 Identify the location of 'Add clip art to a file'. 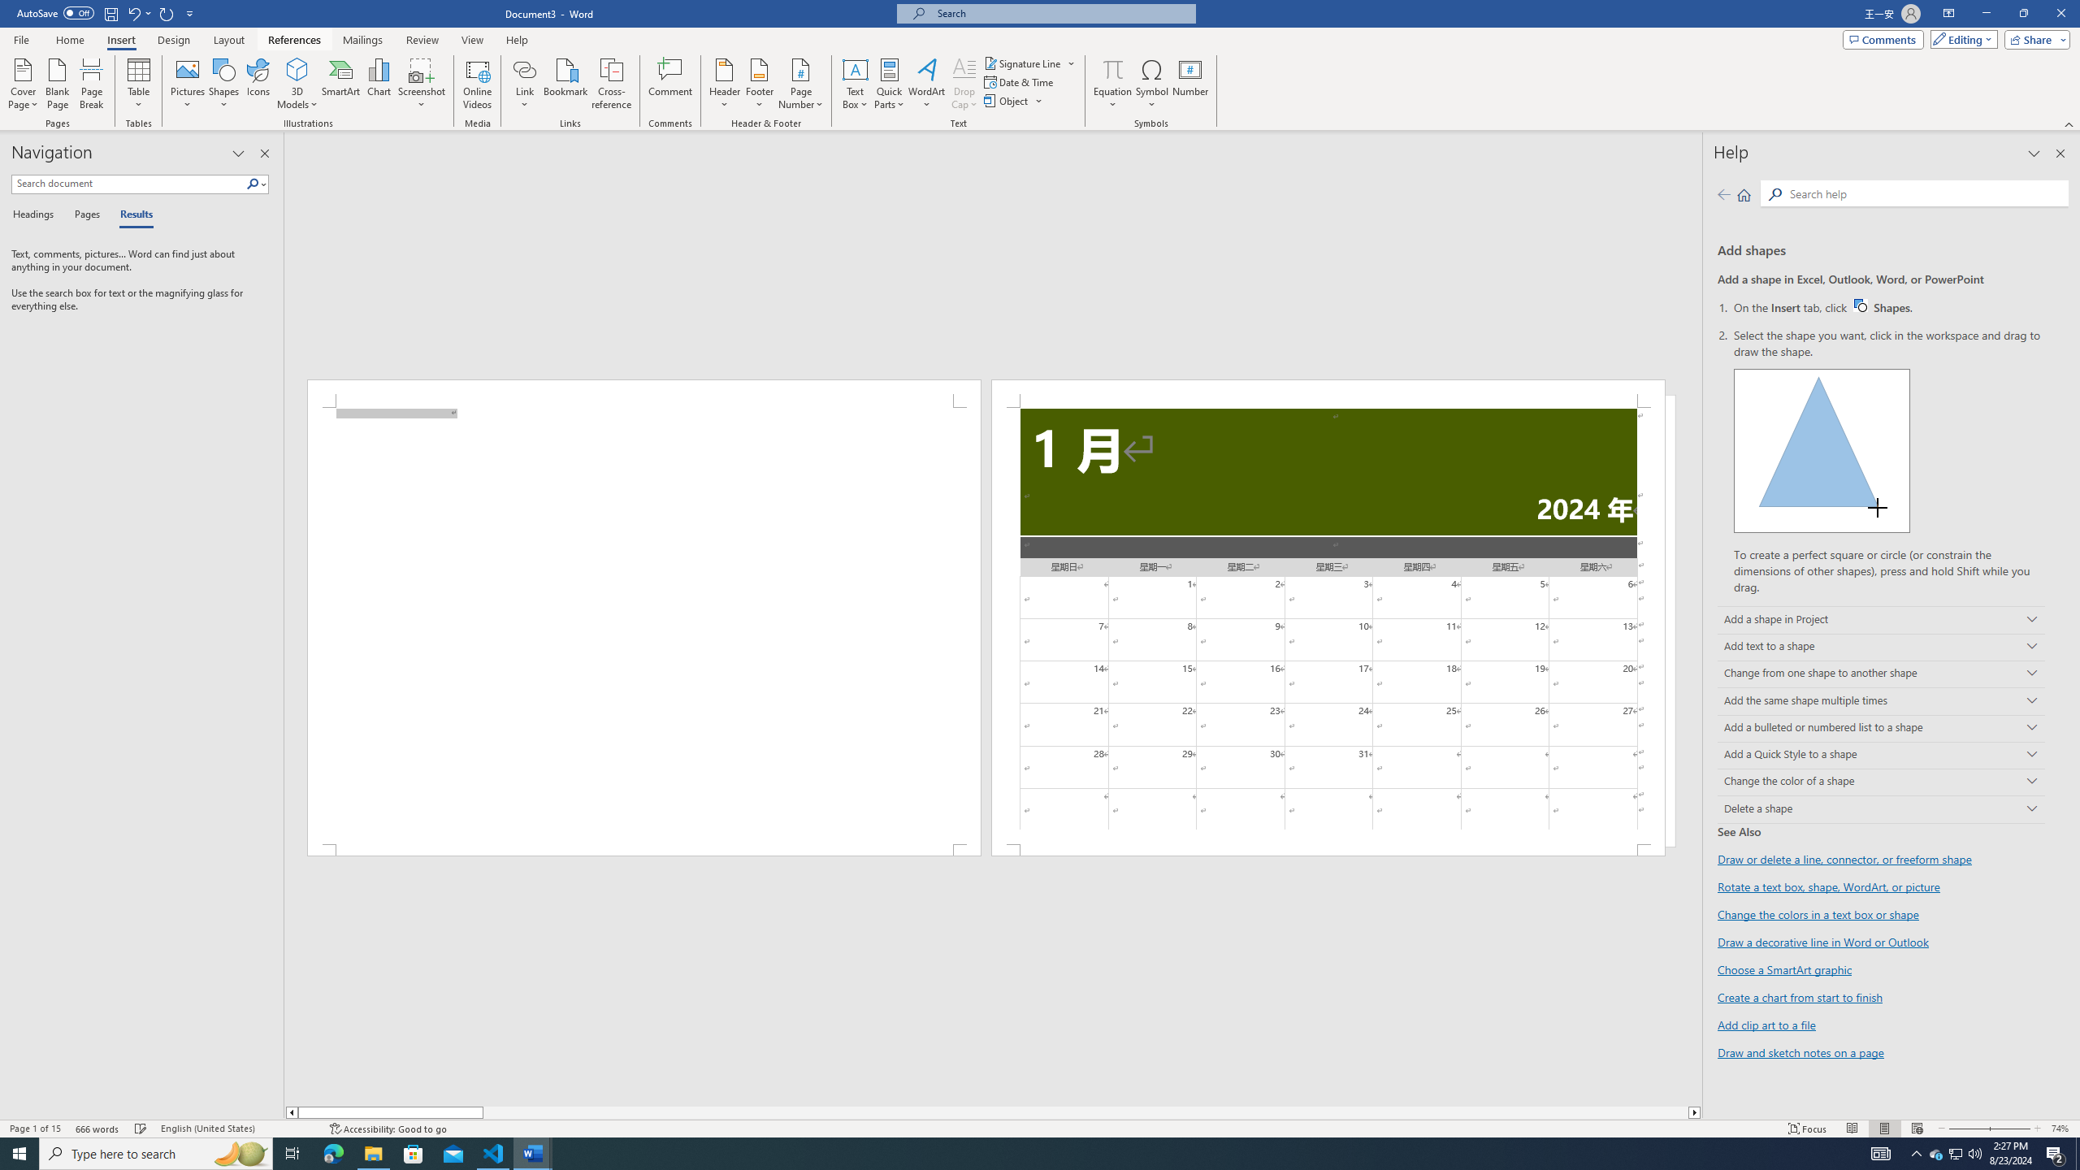
(1766, 1024).